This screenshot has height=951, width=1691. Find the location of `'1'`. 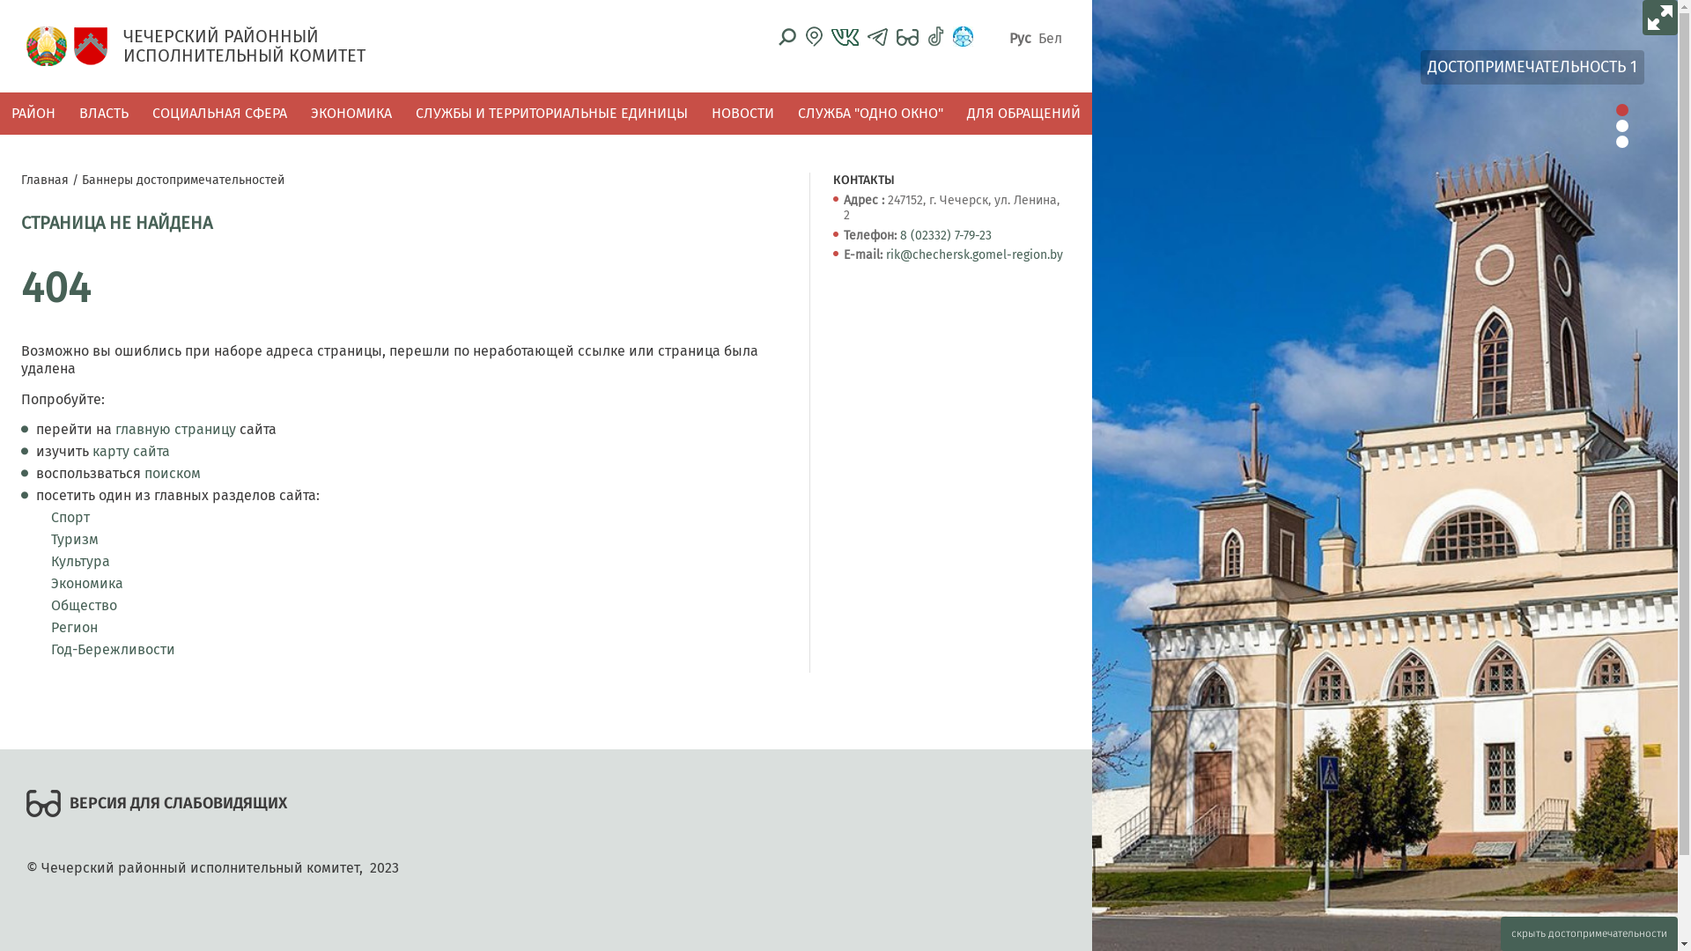

'1' is located at coordinates (1621, 109).